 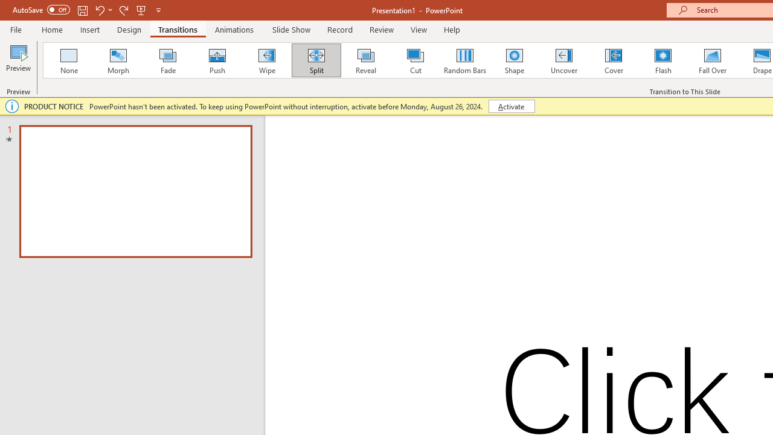 I want to click on 'Cover', so click(x=614, y=60).